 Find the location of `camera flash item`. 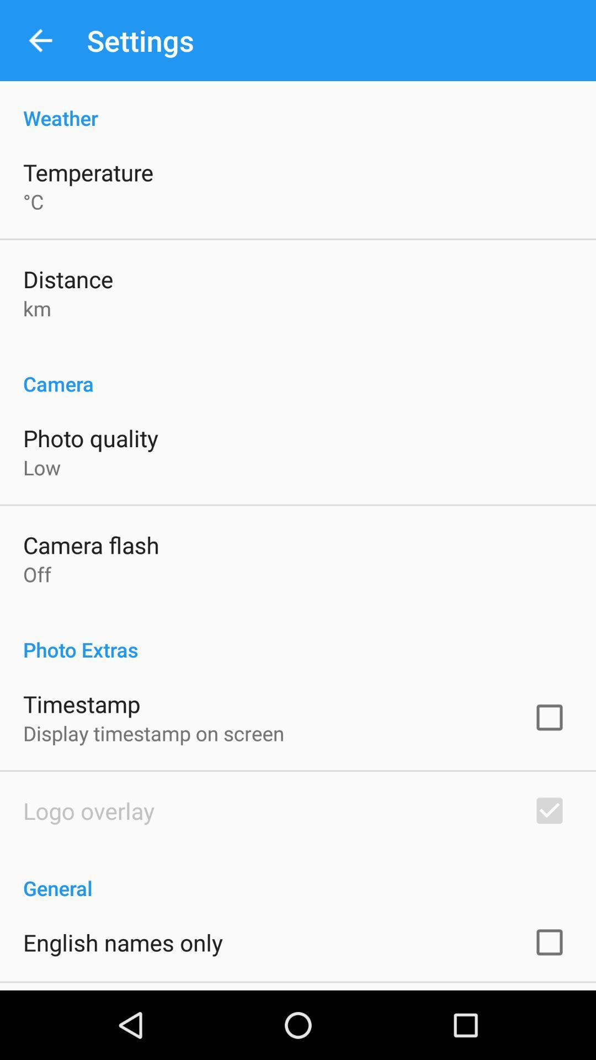

camera flash item is located at coordinates (91, 545).